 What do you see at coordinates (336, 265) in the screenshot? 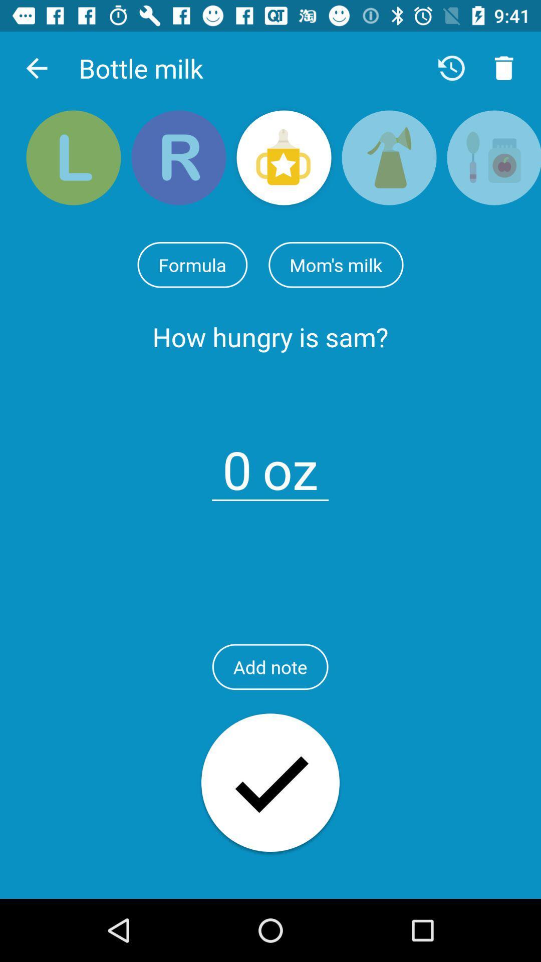
I see `the item next to formula` at bounding box center [336, 265].